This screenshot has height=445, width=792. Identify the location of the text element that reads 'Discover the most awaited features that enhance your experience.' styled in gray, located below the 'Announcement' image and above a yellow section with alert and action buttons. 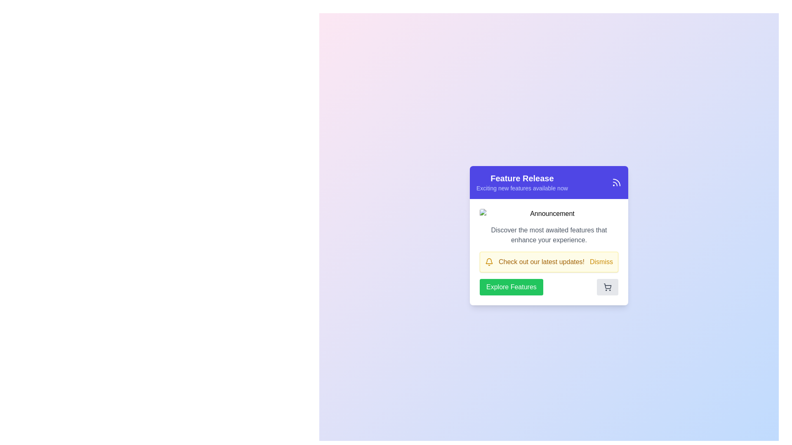
(549, 235).